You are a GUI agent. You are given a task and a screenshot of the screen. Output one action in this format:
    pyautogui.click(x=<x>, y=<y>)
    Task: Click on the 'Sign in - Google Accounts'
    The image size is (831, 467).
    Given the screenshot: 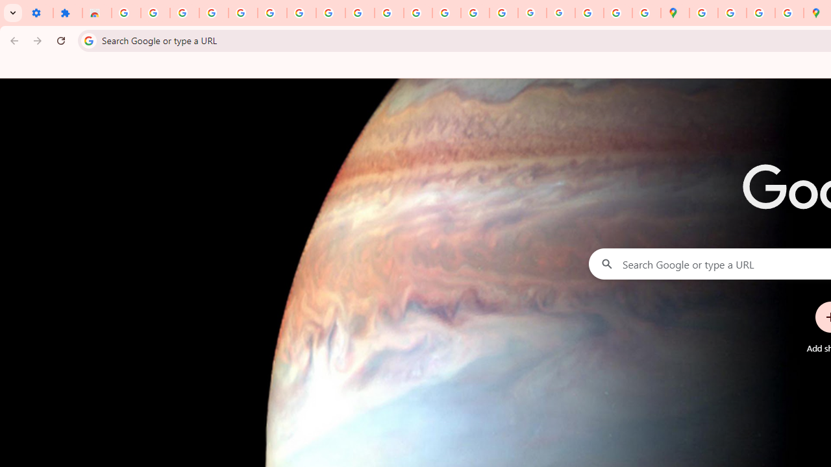 What is the action you would take?
    pyautogui.click(x=126, y=13)
    